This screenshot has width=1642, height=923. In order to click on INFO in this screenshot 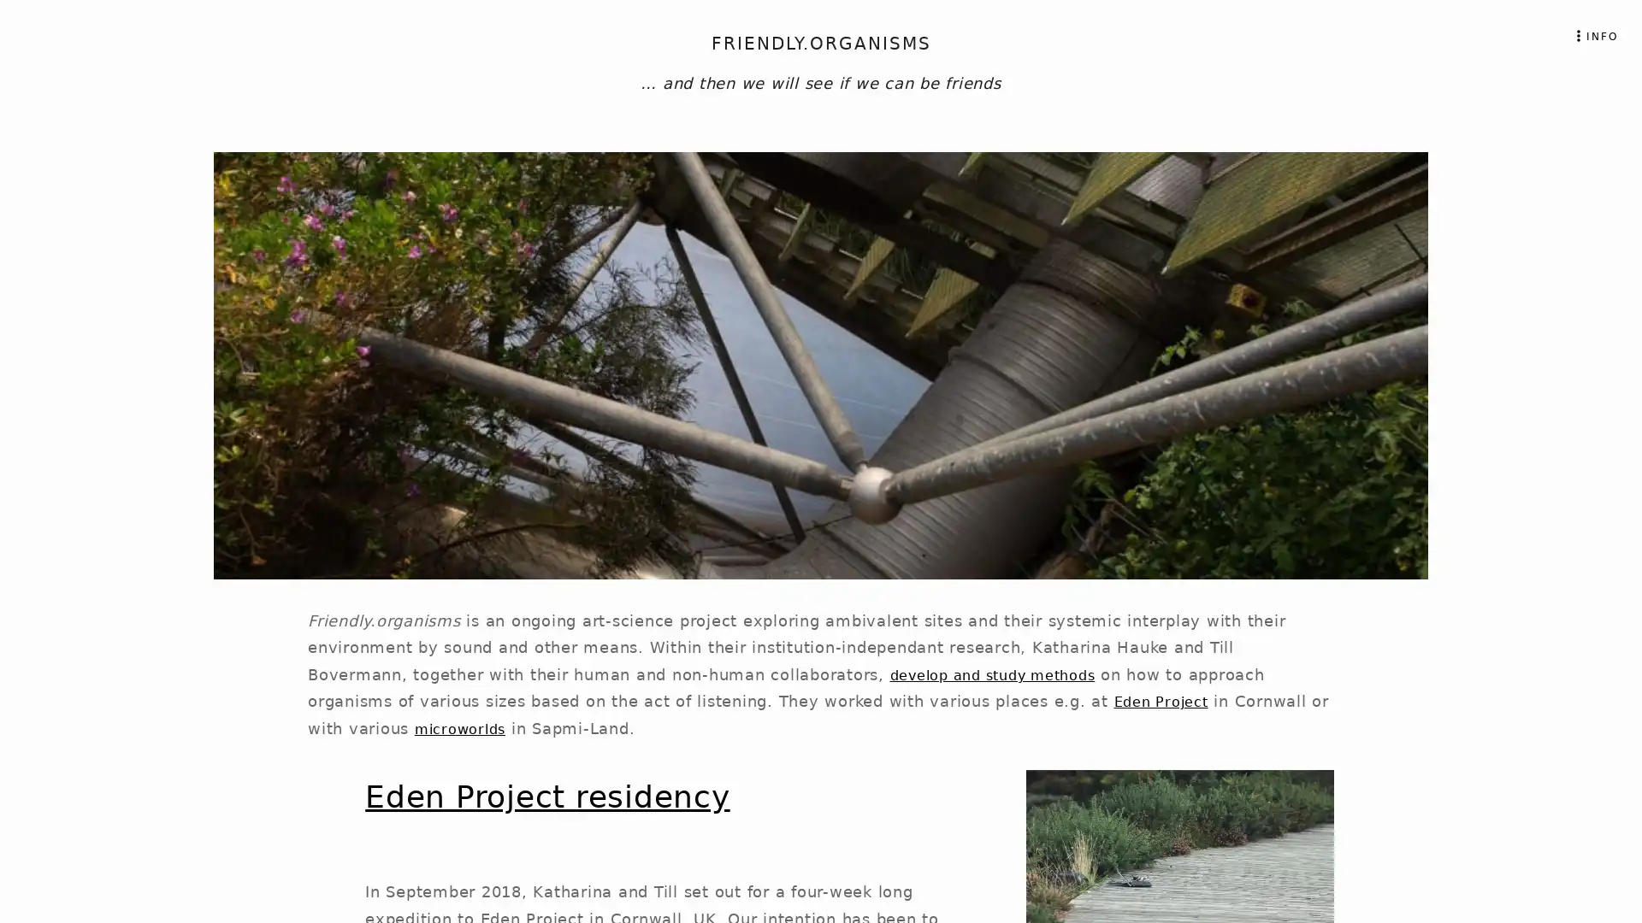, I will do `click(1593, 35)`.